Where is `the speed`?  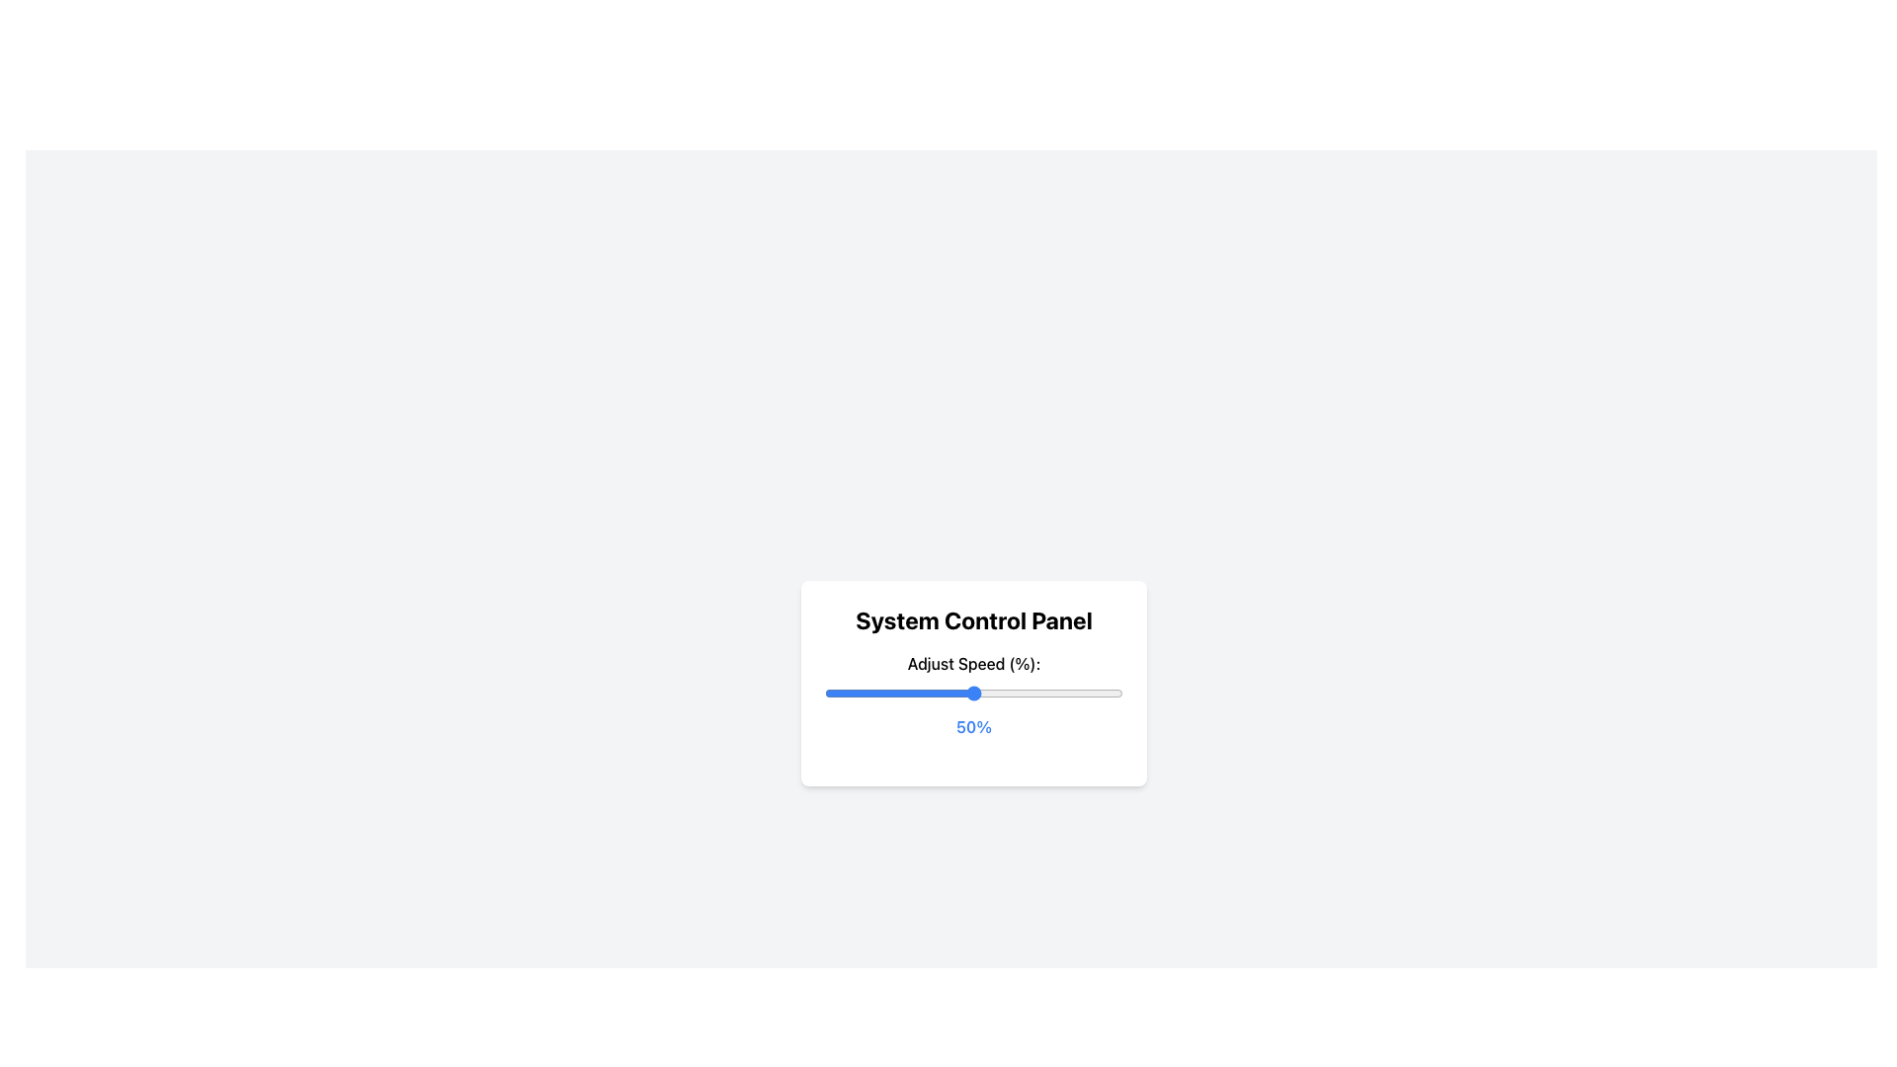
the speed is located at coordinates (874, 693).